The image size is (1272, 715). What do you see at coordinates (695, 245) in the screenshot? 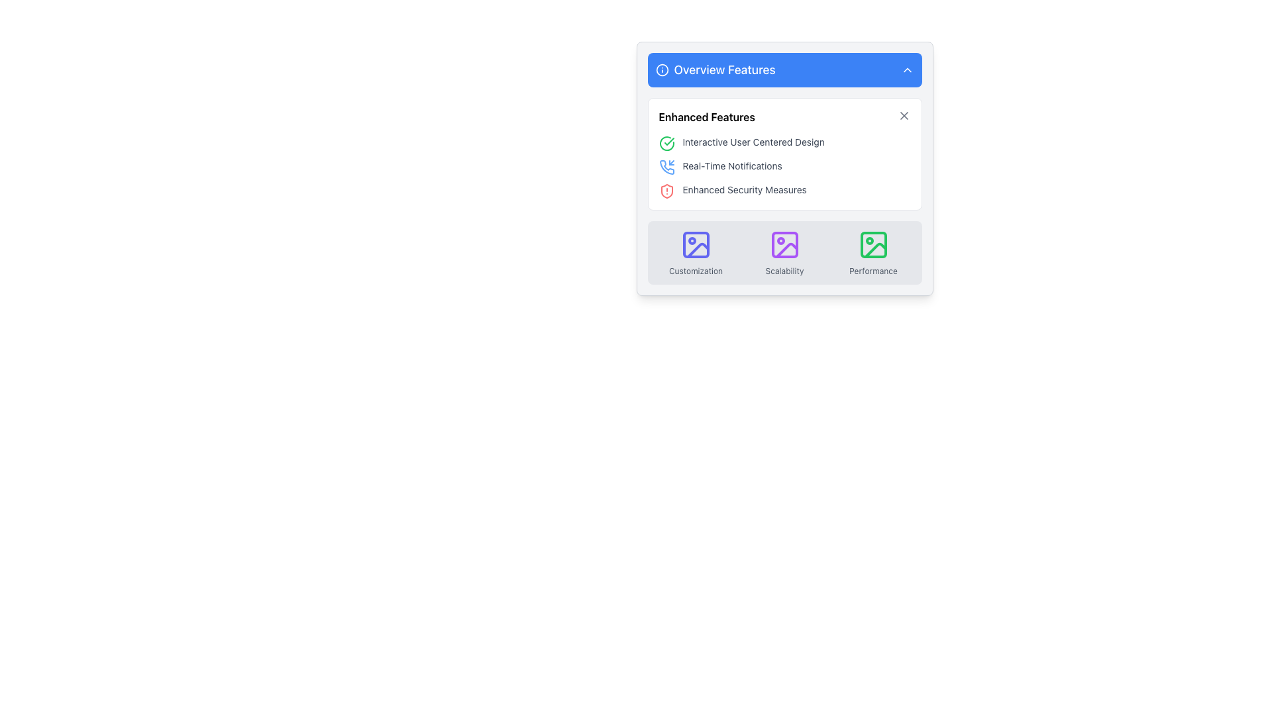
I see `the 'Customization' feature icon located at the leftmost position in the bottom section of the 'Overview Features' card interface, directly above the text label 'Customization'` at bounding box center [695, 245].